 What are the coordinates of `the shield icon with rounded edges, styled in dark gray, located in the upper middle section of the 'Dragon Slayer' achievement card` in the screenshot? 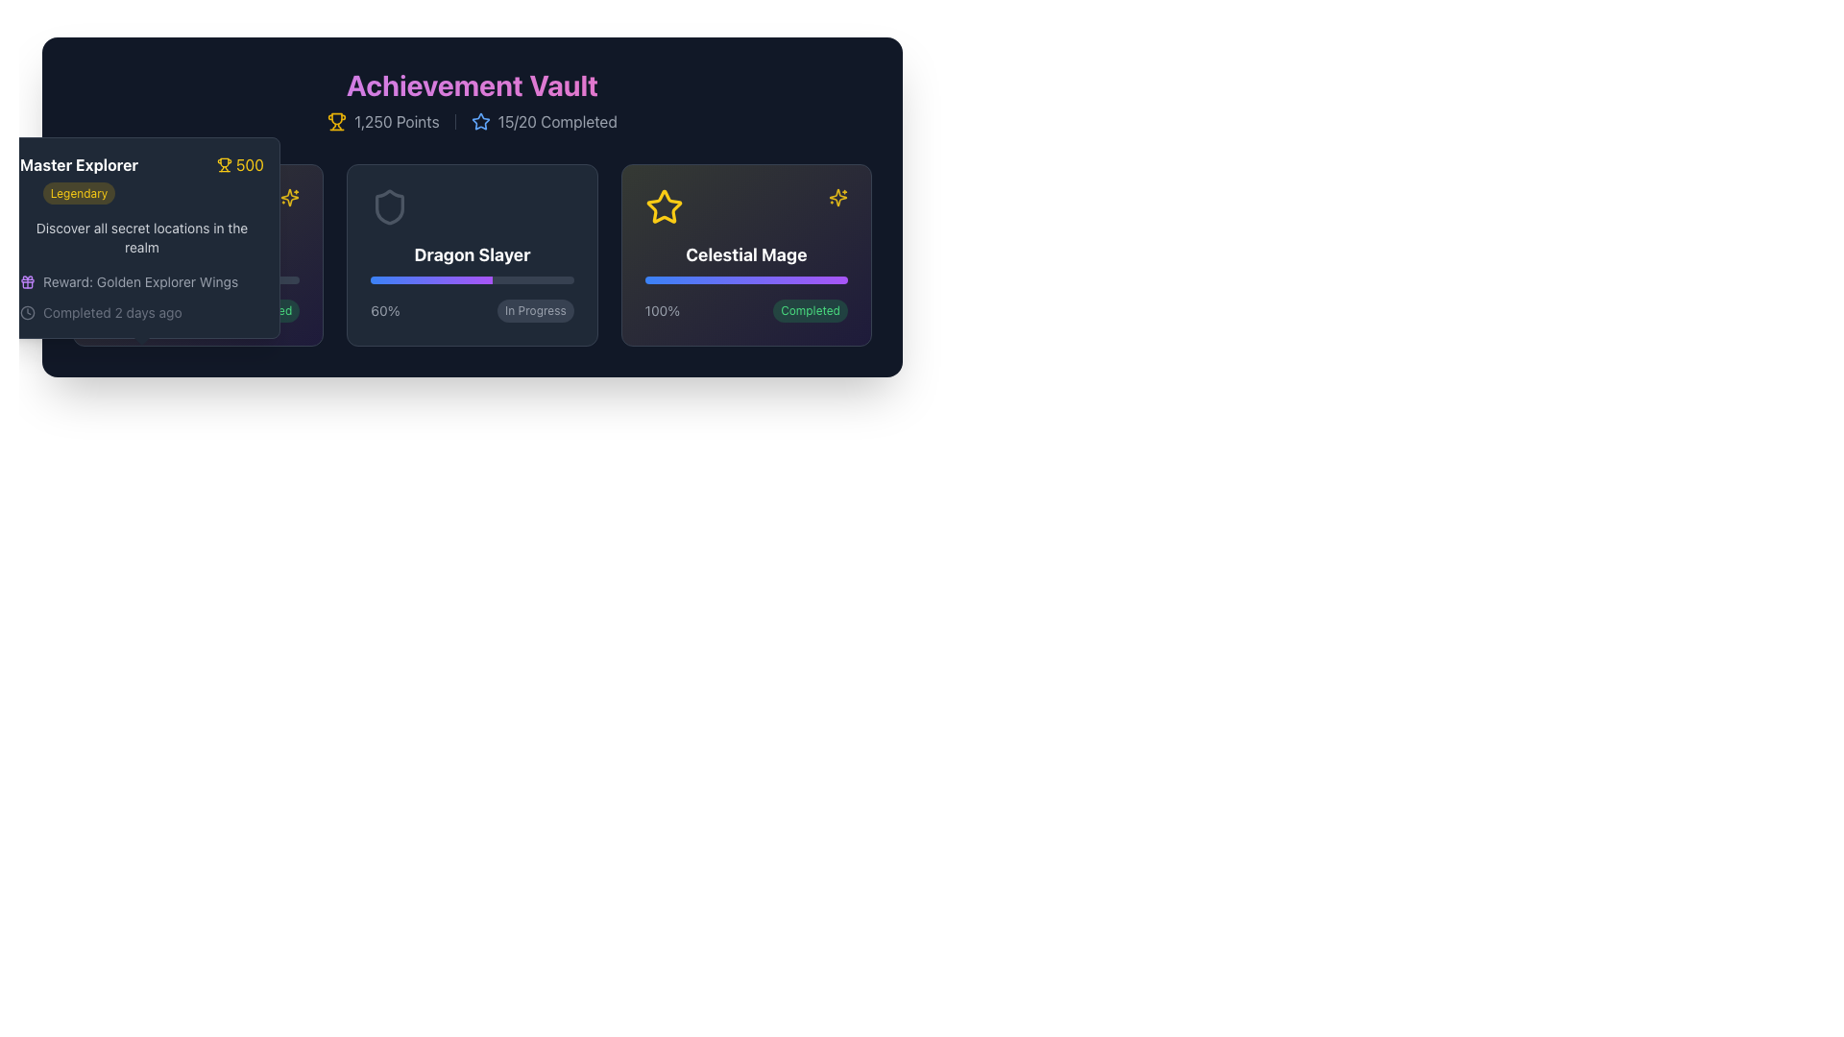 It's located at (389, 207).